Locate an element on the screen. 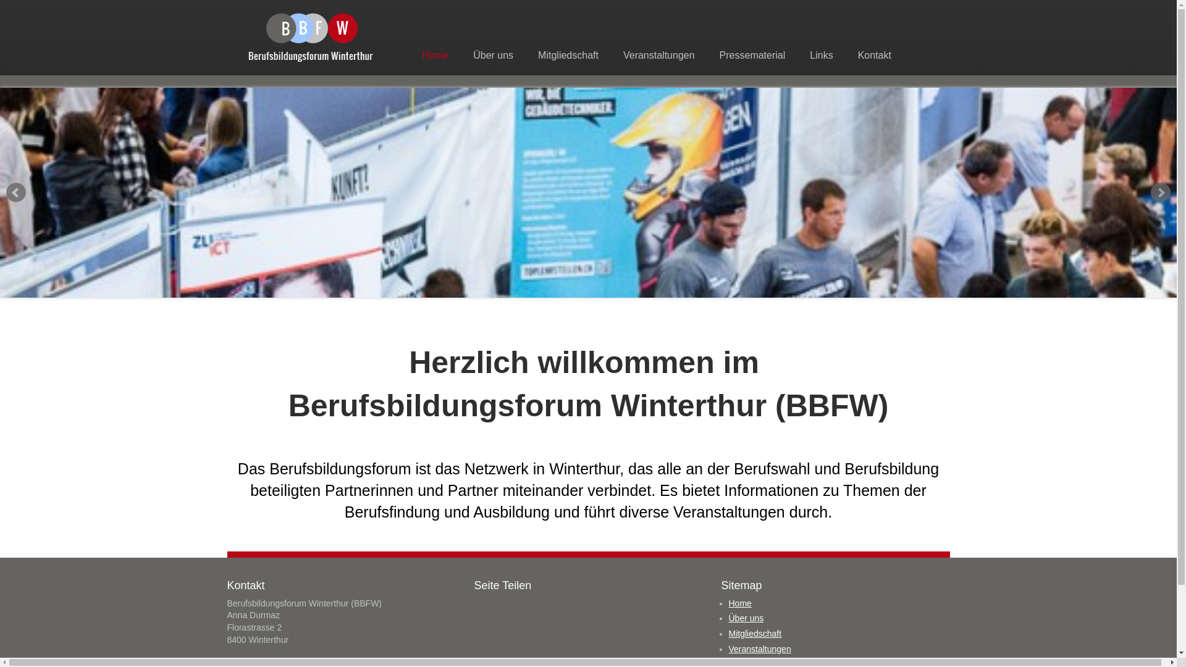 This screenshot has width=1186, height=667. 'Home' is located at coordinates (412, 54).